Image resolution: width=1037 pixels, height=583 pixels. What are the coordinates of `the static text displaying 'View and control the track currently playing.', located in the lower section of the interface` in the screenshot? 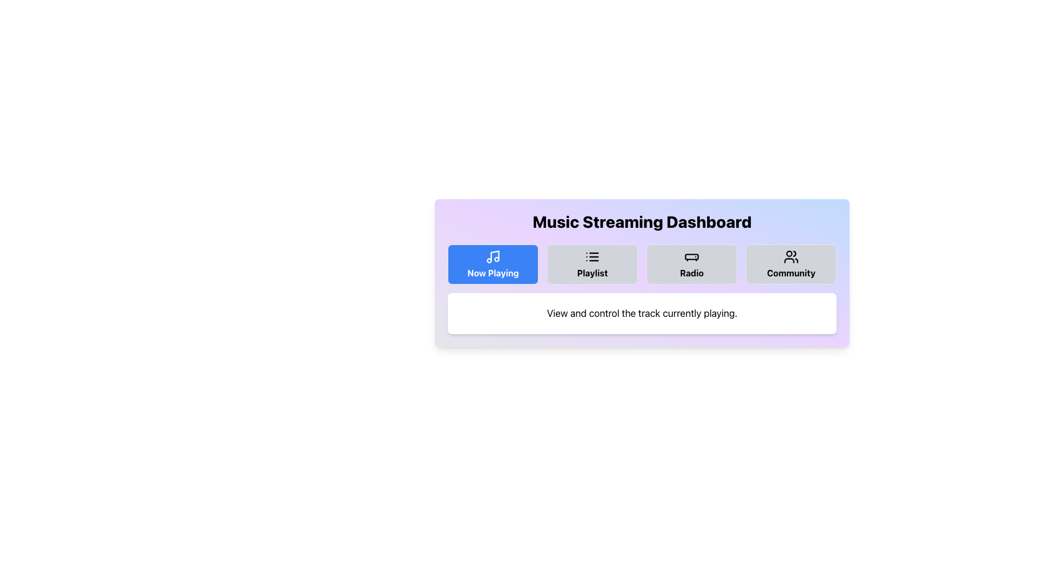 It's located at (642, 314).